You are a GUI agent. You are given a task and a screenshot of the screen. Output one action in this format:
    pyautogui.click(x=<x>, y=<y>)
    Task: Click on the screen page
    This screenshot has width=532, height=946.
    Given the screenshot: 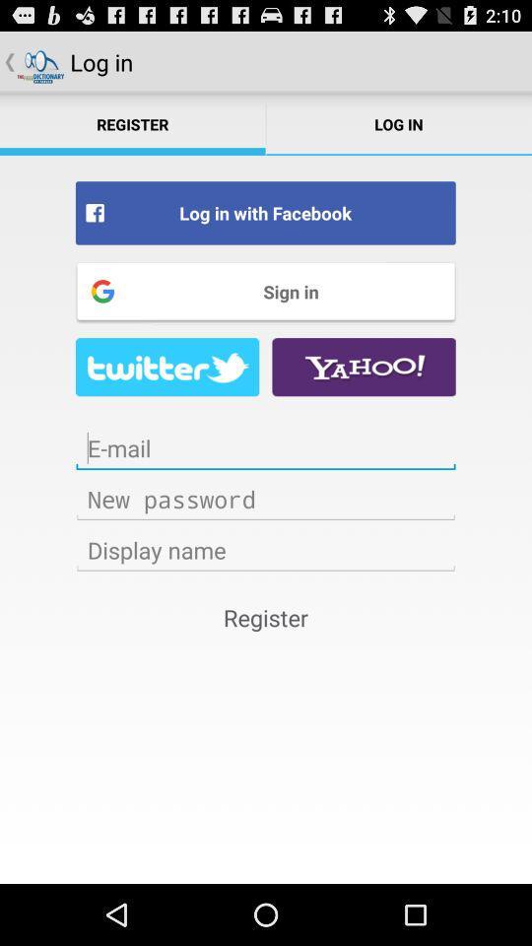 What is the action you would take?
    pyautogui.click(x=266, y=448)
    